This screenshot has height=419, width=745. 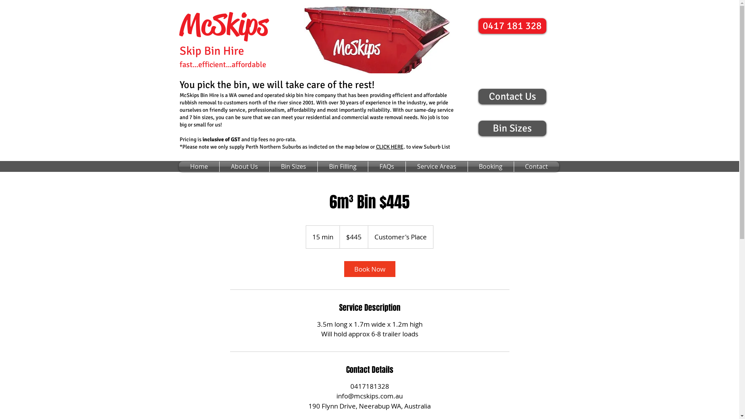 I want to click on 'CLICK HERE', so click(x=376, y=146).